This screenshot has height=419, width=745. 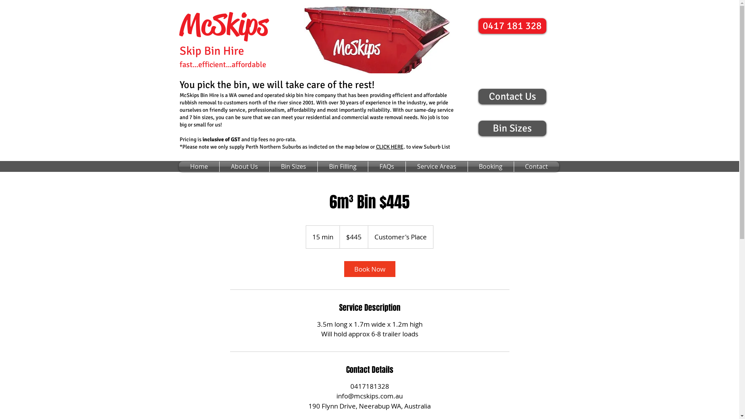 I want to click on 'CLICK HERE', so click(x=376, y=146).